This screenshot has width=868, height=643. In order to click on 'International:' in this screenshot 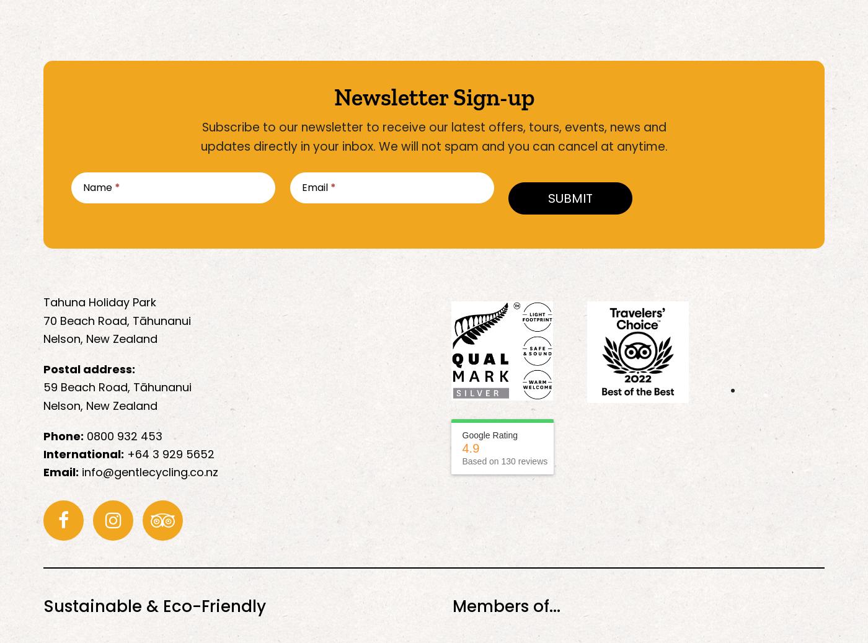, I will do `click(43, 454)`.